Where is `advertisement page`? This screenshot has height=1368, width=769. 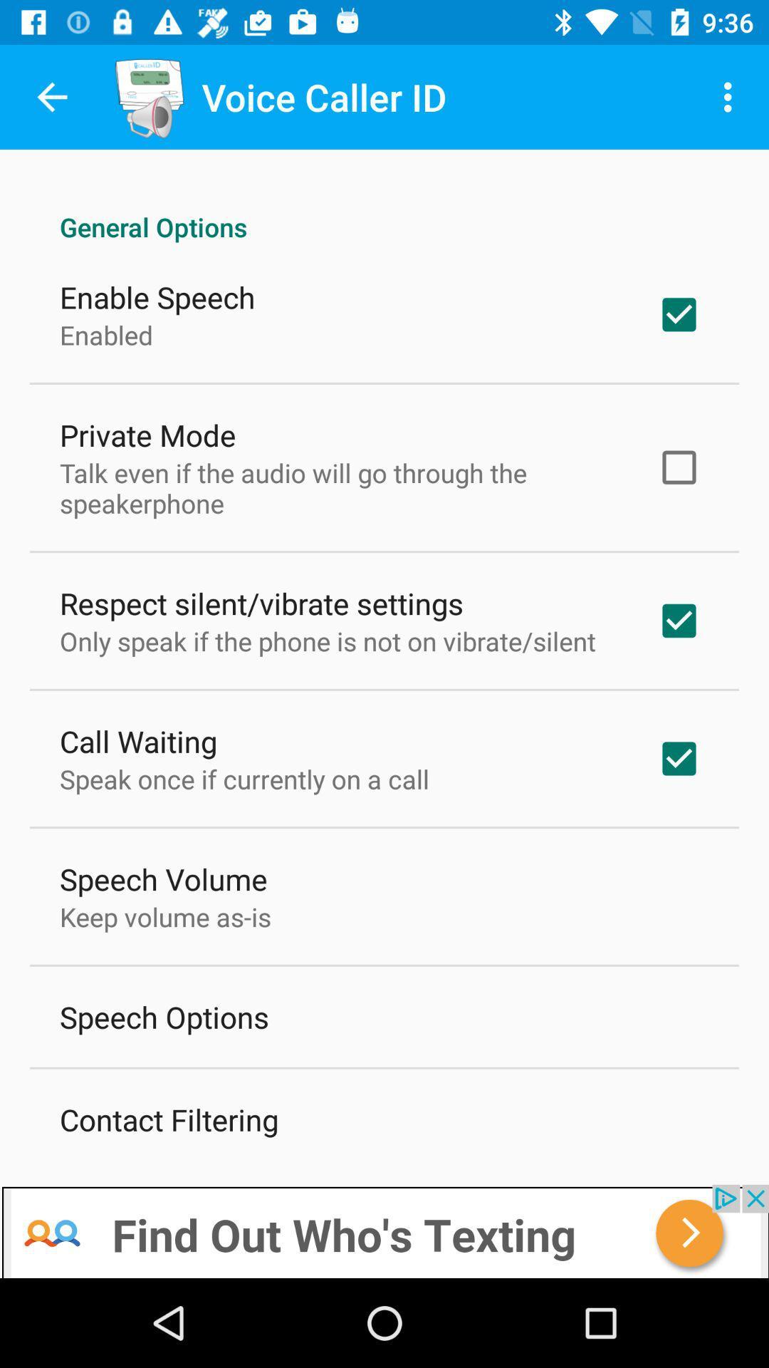 advertisement page is located at coordinates (384, 1230).